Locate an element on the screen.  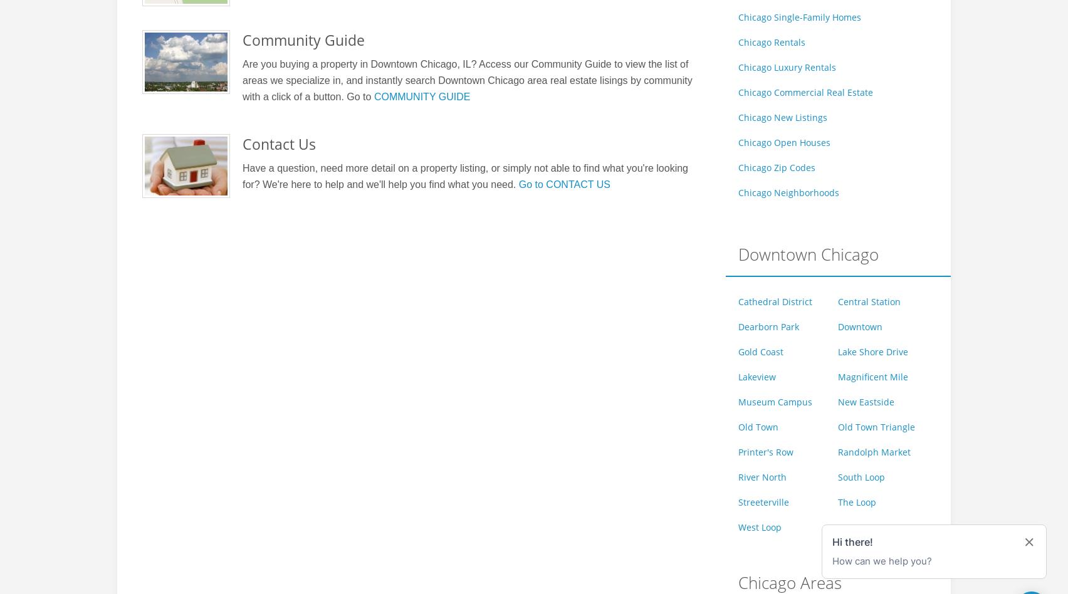
'Are you buying a property in Downtown Chicago, IL? Access our Community Guide to view the list of areas we specialize in, and instantly search Downtown Chicago area real estate lisings by community with a click of a button. Go to' is located at coordinates (241, 79).